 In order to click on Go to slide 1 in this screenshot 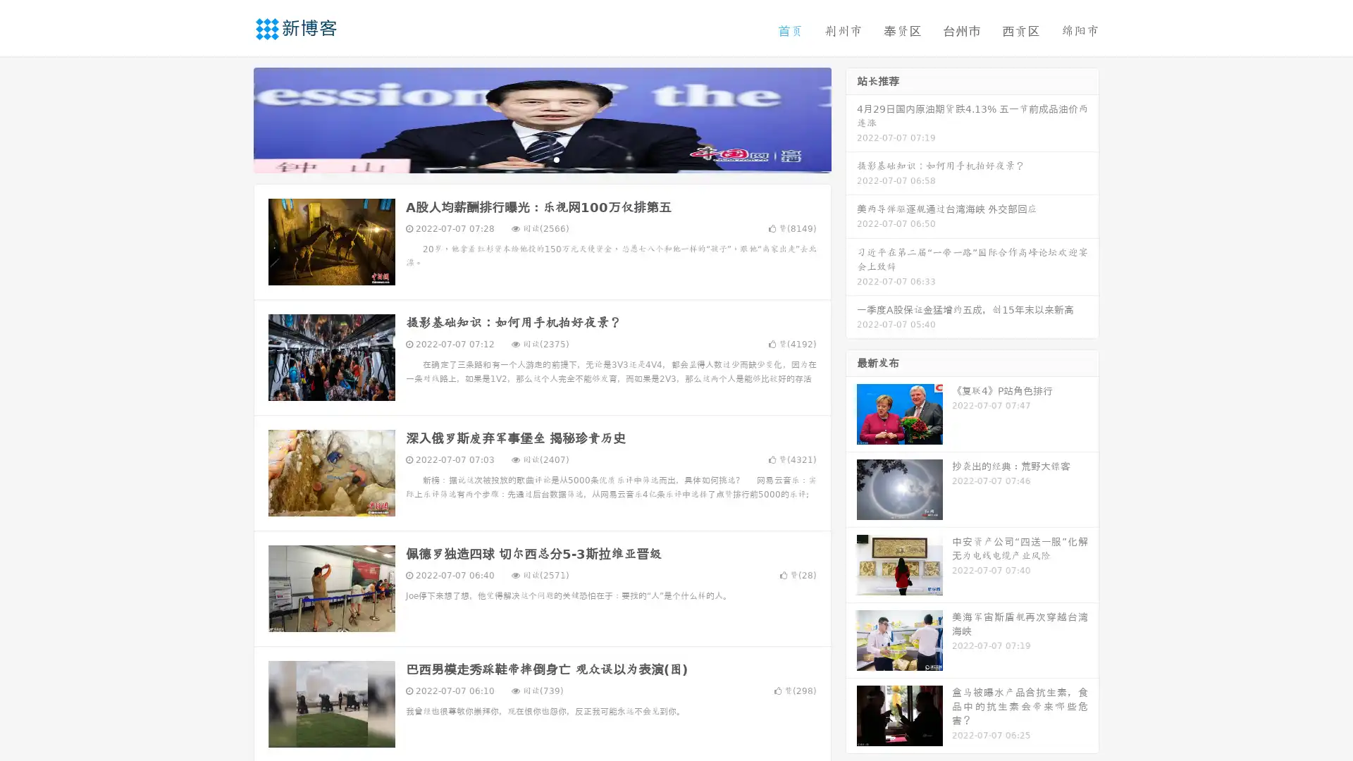, I will do `click(527, 159)`.